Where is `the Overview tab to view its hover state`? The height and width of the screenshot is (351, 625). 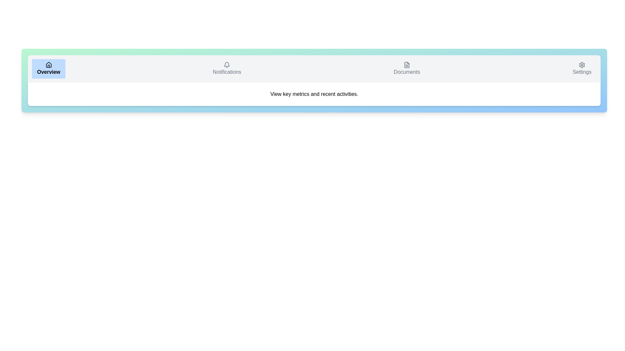 the Overview tab to view its hover state is located at coordinates (48, 69).